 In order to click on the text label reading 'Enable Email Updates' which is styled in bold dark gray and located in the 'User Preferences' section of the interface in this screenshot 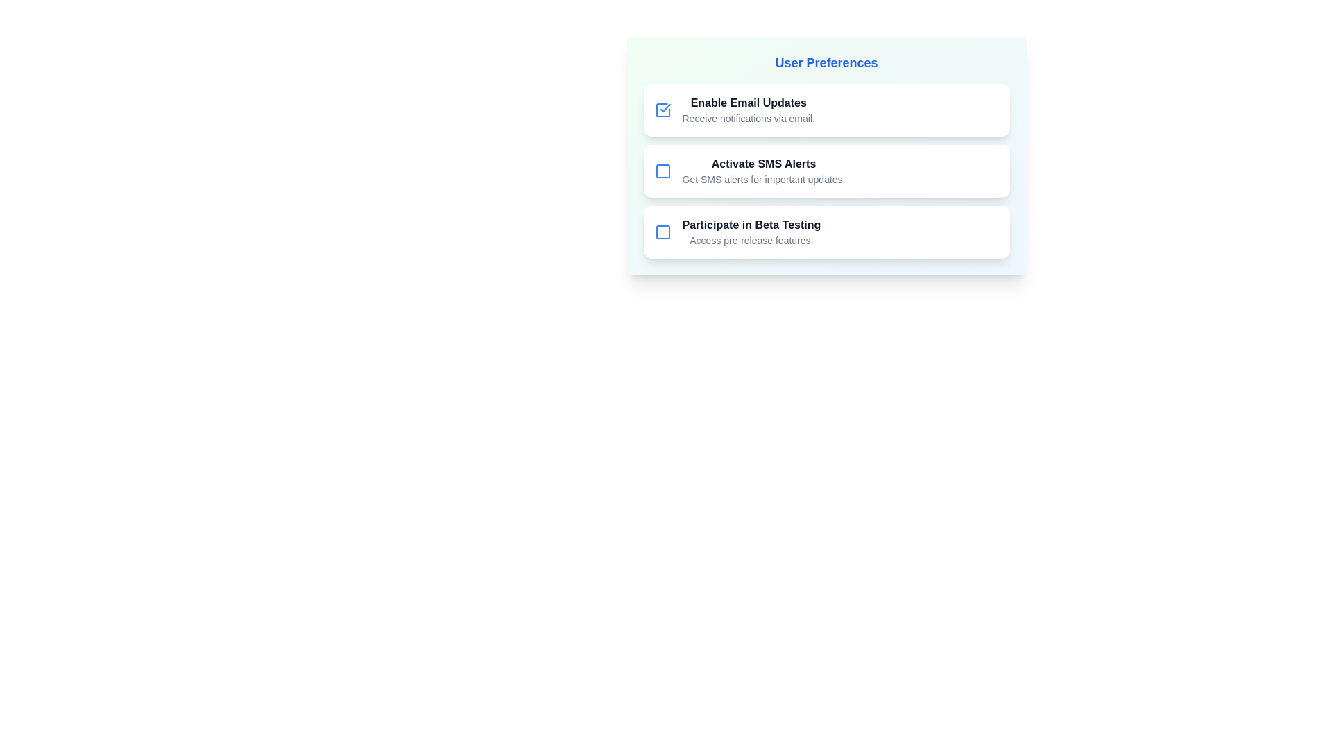, I will do `click(748, 103)`.